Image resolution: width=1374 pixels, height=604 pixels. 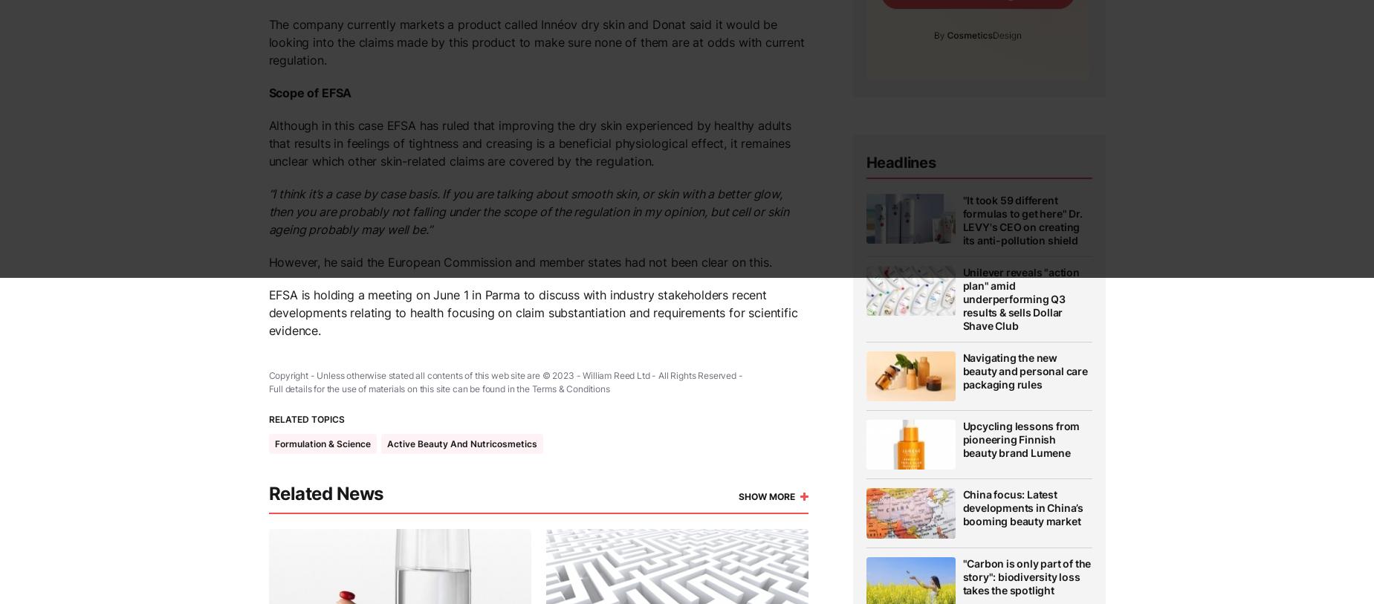 I want to click on 'Formulation & Science', so click(x=321, y=444).